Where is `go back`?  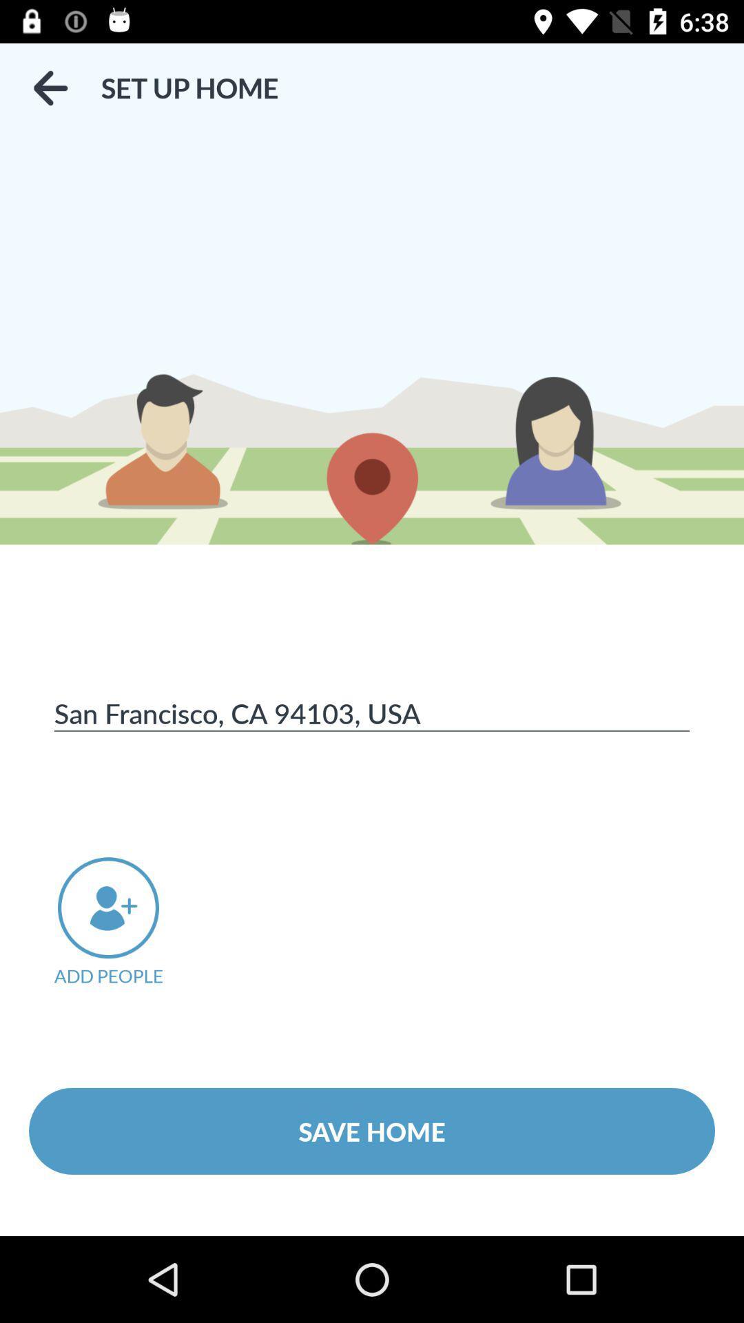 go back is located at coordinates (50, 88).